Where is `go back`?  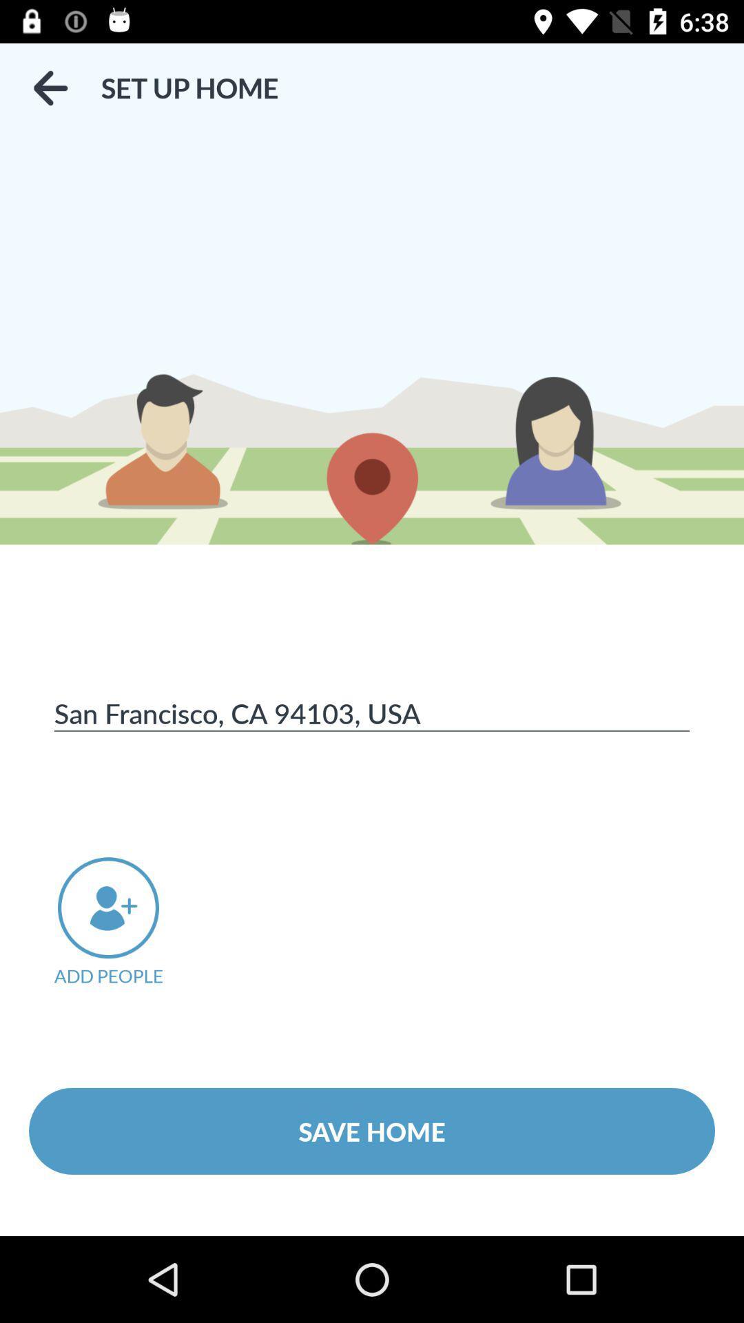 go back is located at coordinates (50, 88).